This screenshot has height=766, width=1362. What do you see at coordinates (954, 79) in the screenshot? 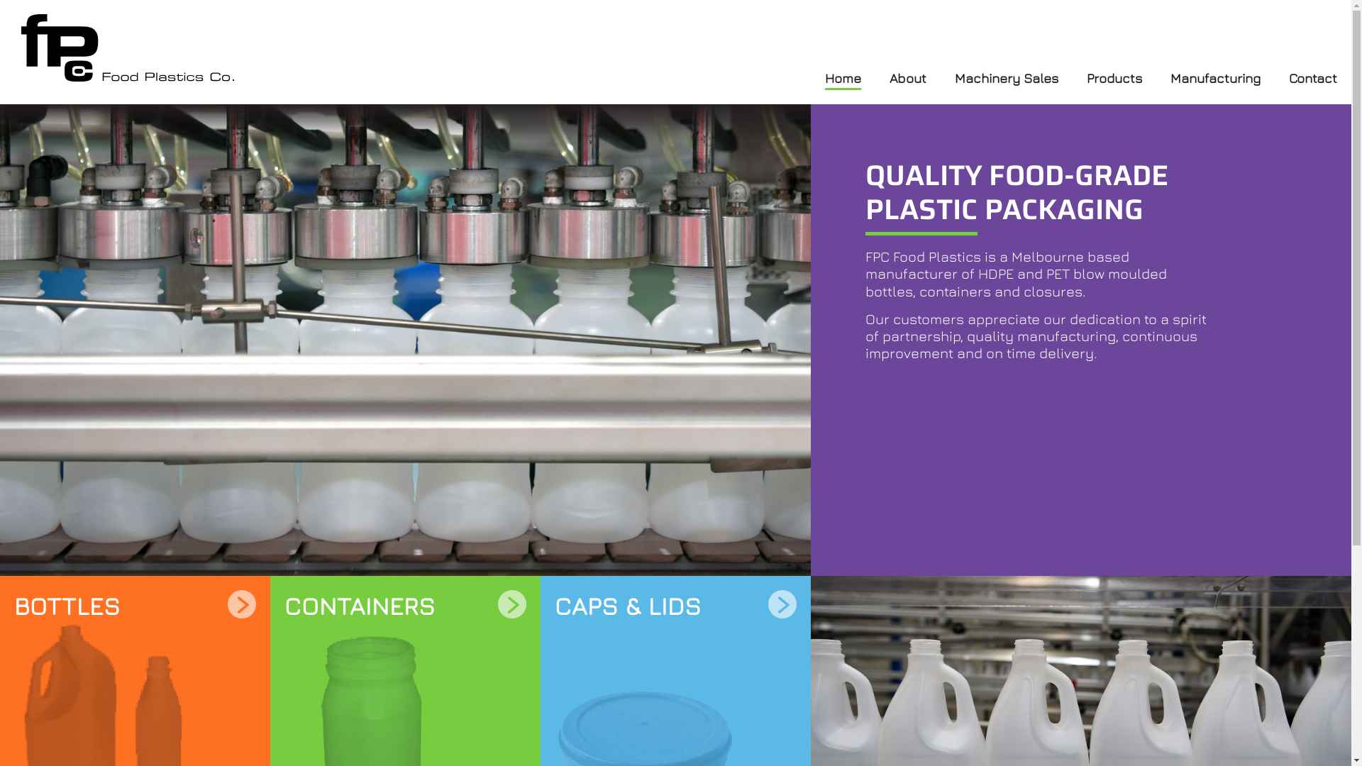
I see `'Machinery Sales'` at bounding box center [954, 79].